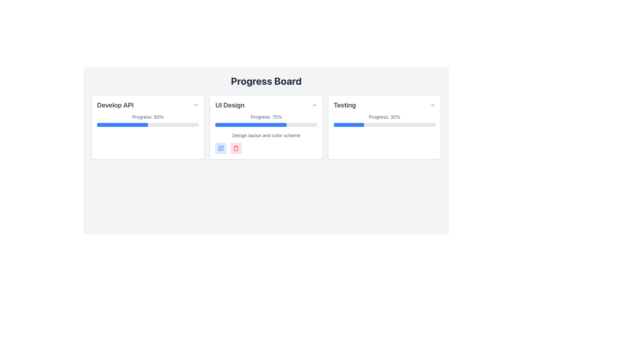 The height and width of the screenshot is (356, 634). What do you see at coordinates (123, 125) in the screenshot?
I see `the Progress Indicator in the 'Develop API' section of the progress board that visually represents 50% completion of a task` at bounding box center [123, 125].